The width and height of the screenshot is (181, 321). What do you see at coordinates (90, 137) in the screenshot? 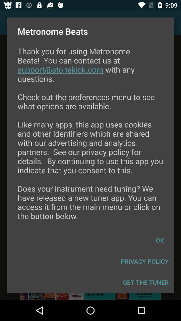
I see `the item at the center` at bounding box center [90, 137].